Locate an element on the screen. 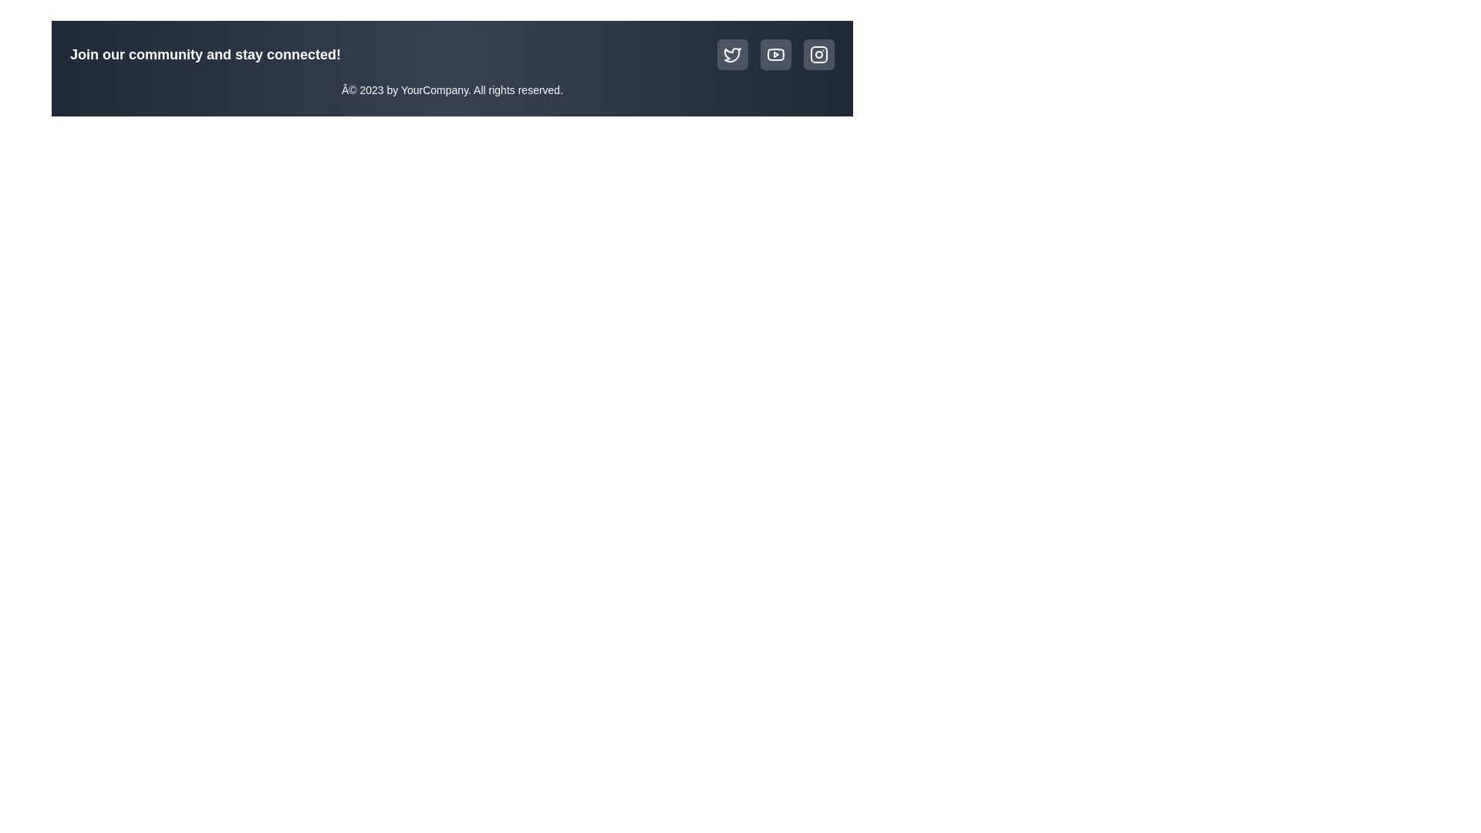 Image resolution: width=1481 pixels, height=833 pixels. the bird silhouette icon located in the top-right section of the toolbar is located at coordinates (732, 53).